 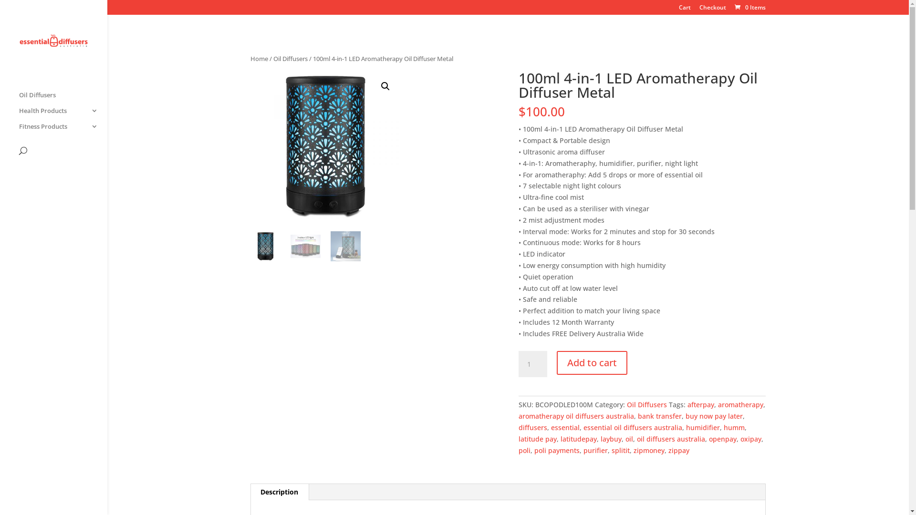 I want to click on 'humm', so click(x=734, y=427).